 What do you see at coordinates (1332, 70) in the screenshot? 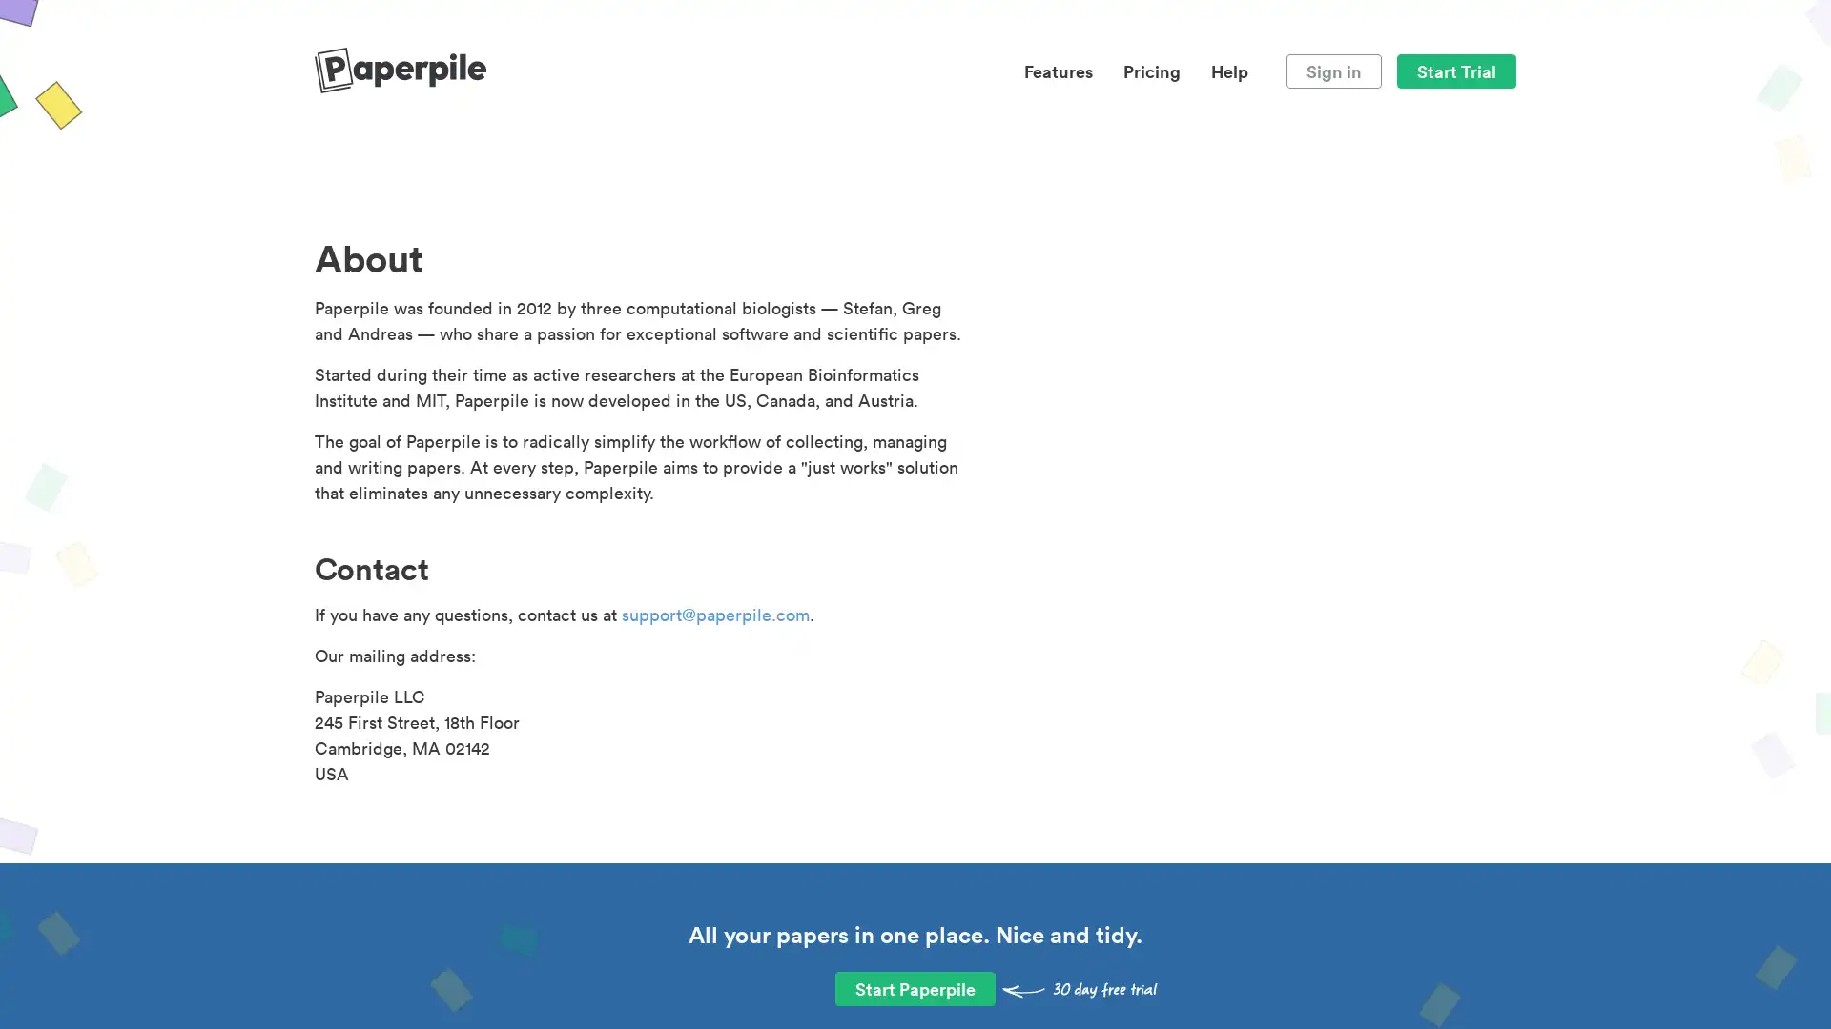
I see `Sign in` at bounding box center [1332, 70].